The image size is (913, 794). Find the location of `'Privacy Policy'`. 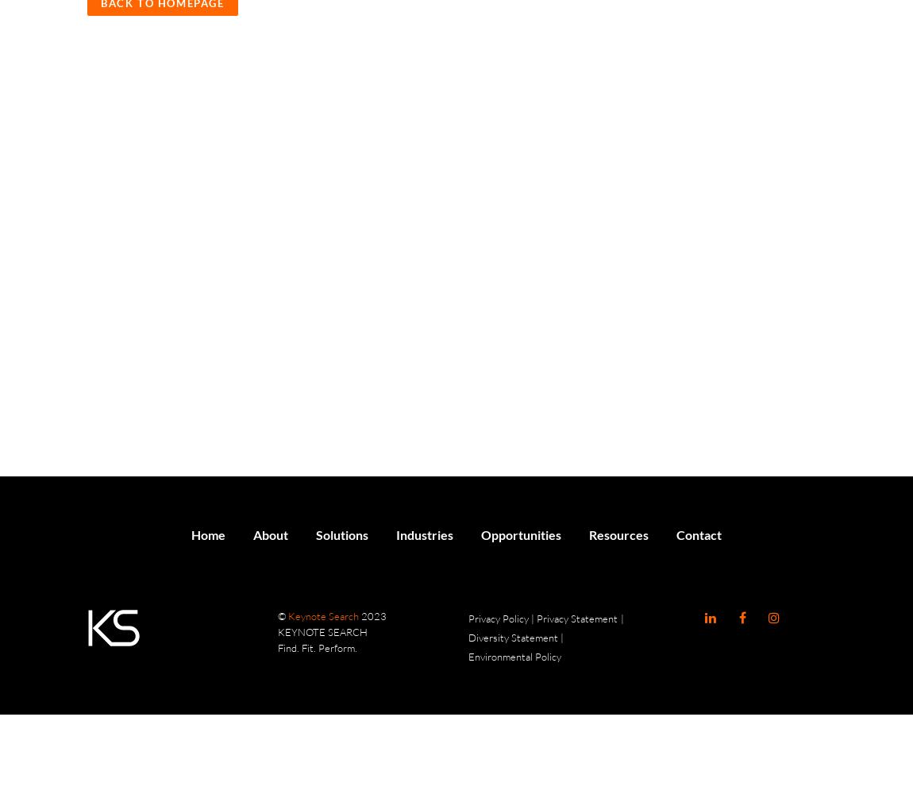

'Privacy Policy' is located at coordinates (467, 619).